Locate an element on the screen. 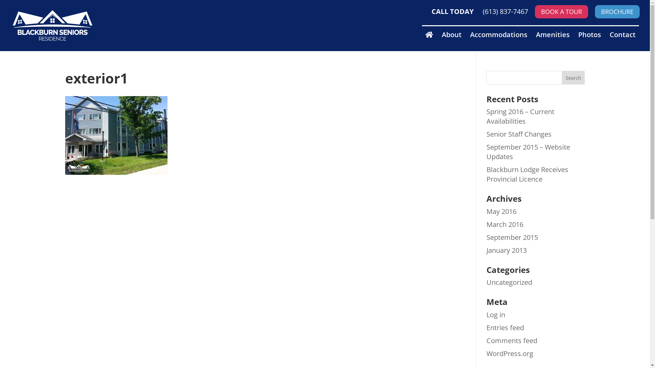 Image resolution: width=655 pixels, height=368 pixels. 'Search' is located at coordinates (573, 77).